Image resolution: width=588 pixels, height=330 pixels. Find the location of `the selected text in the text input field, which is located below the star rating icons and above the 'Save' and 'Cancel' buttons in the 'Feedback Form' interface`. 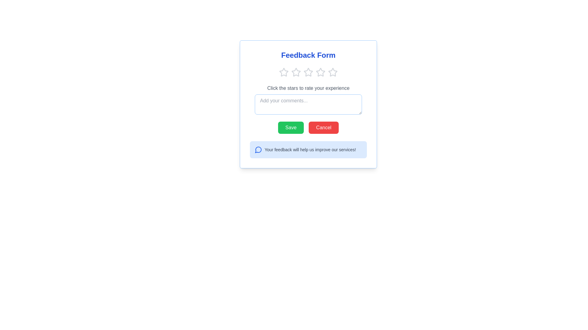

the selected text in the text input field, which is located below the star rating icons and above the 'Save' and 'Cancel' buttons in the 'Feedback Form' interface is located at coordinates (308, 104).